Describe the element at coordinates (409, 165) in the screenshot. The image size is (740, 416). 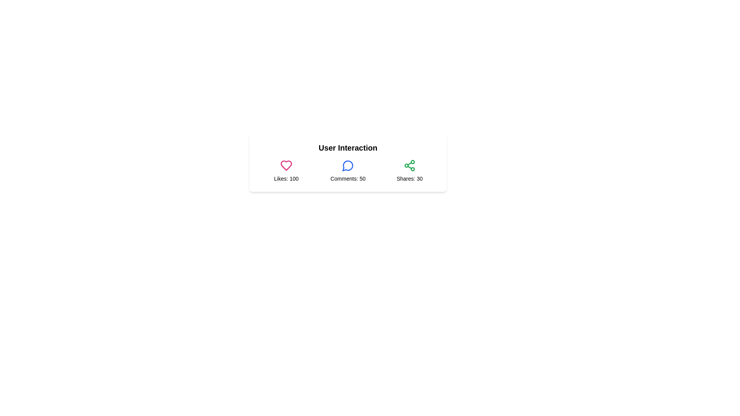
I see `the sharing icon located in the 'Shares: 30' section of the interface, which is the left-aligned icon and the rightmost in the 'User Interaction' section` at that location.